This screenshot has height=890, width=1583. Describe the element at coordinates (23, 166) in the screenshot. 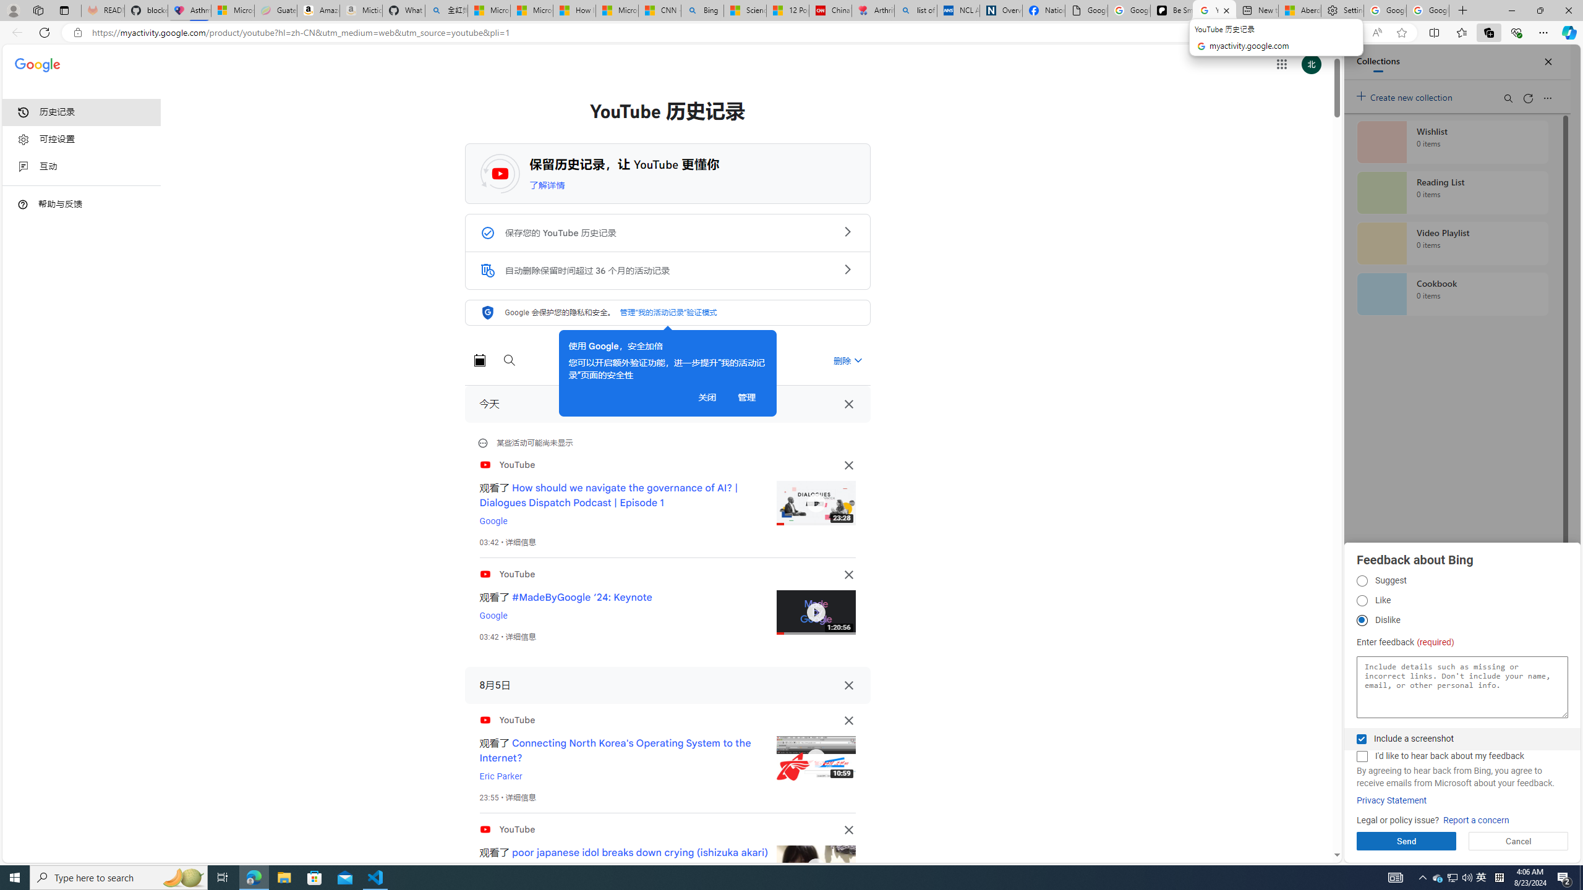

I see `'Class: i2GIId'` at that location.